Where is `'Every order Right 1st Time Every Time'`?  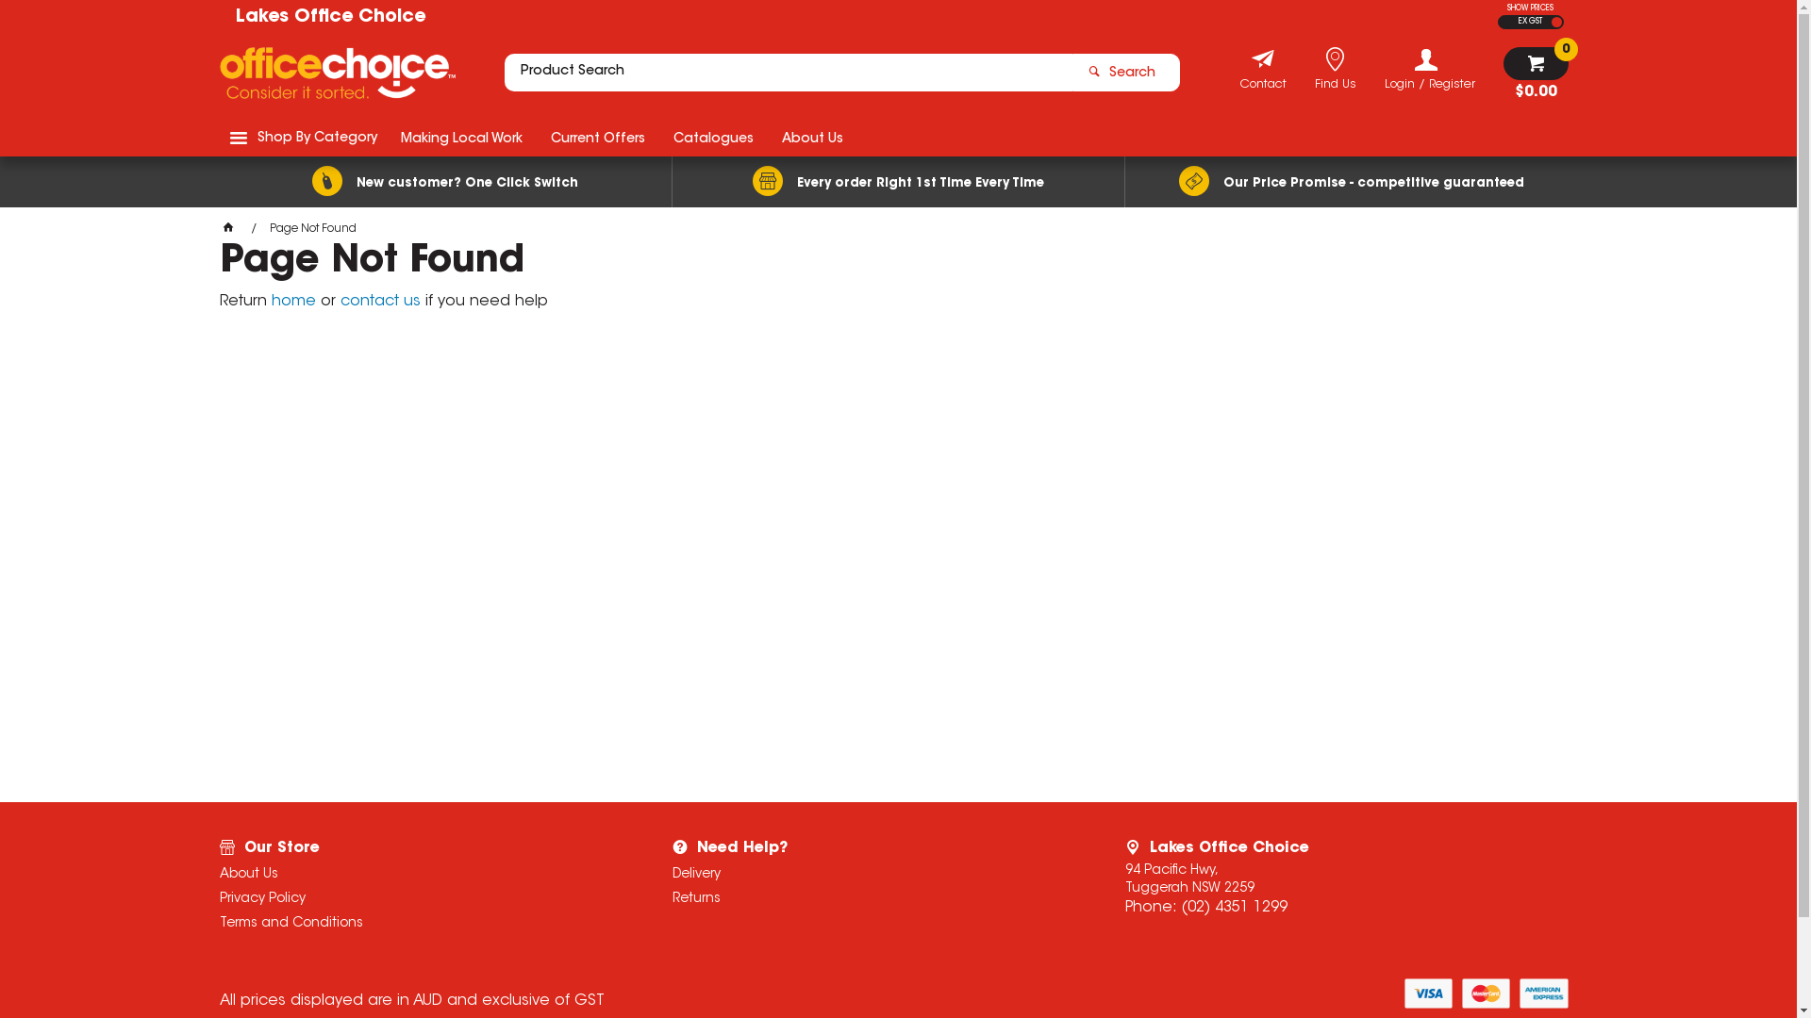 'Every order Right 1st Time Every Time' is located at coordinates (896, 181).